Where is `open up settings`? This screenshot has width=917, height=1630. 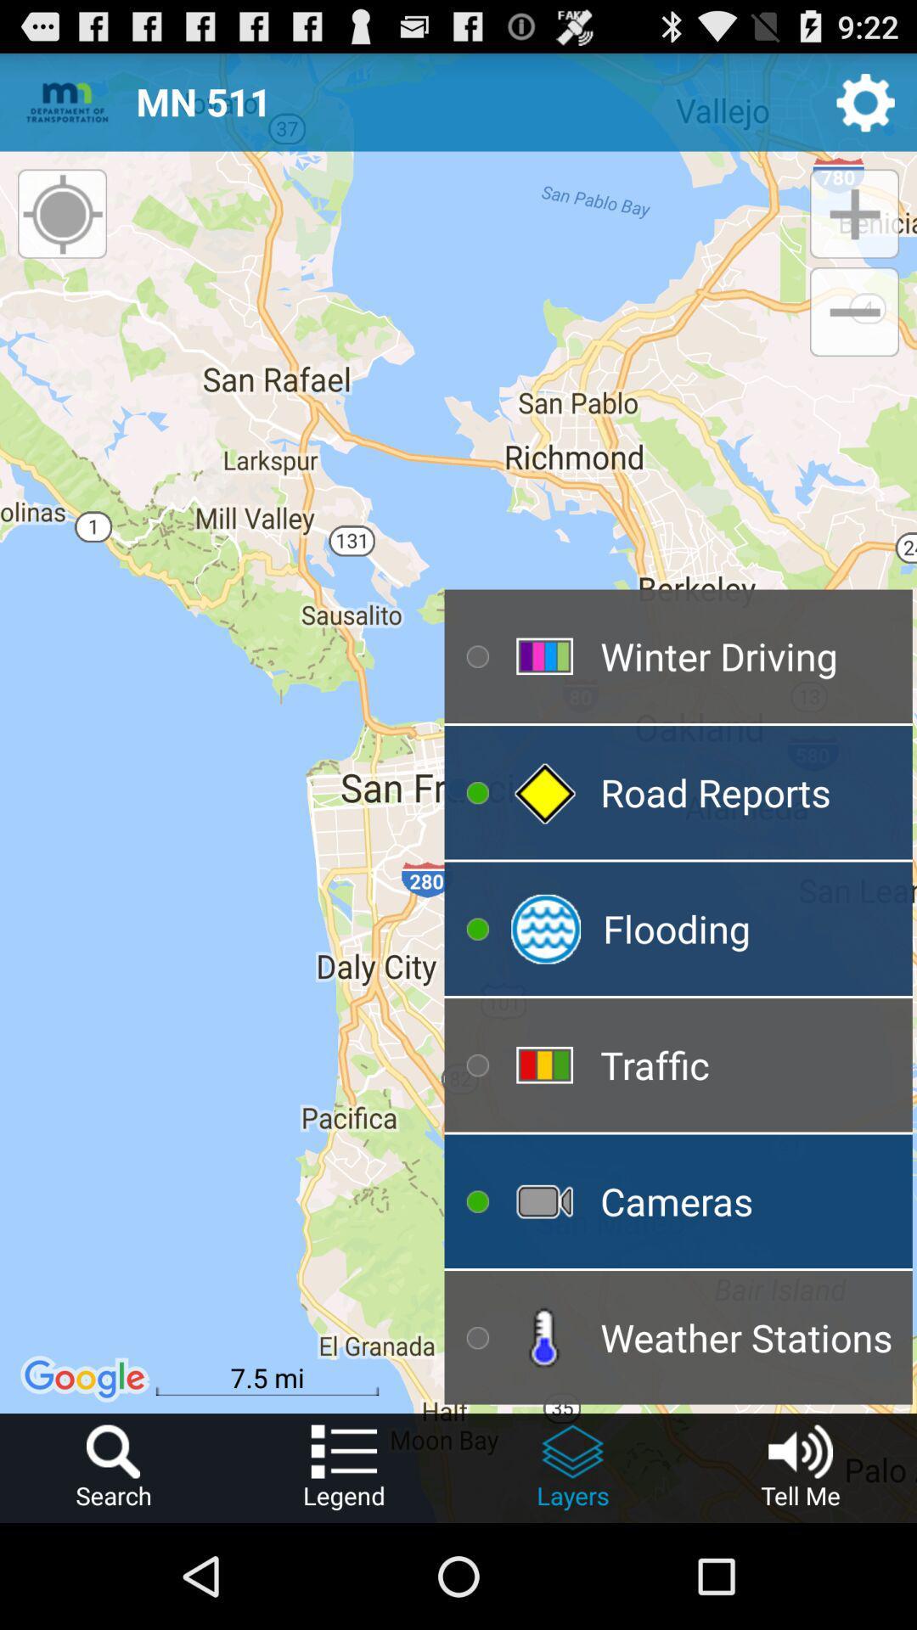
open up settings is located at coordinates (865, 101).